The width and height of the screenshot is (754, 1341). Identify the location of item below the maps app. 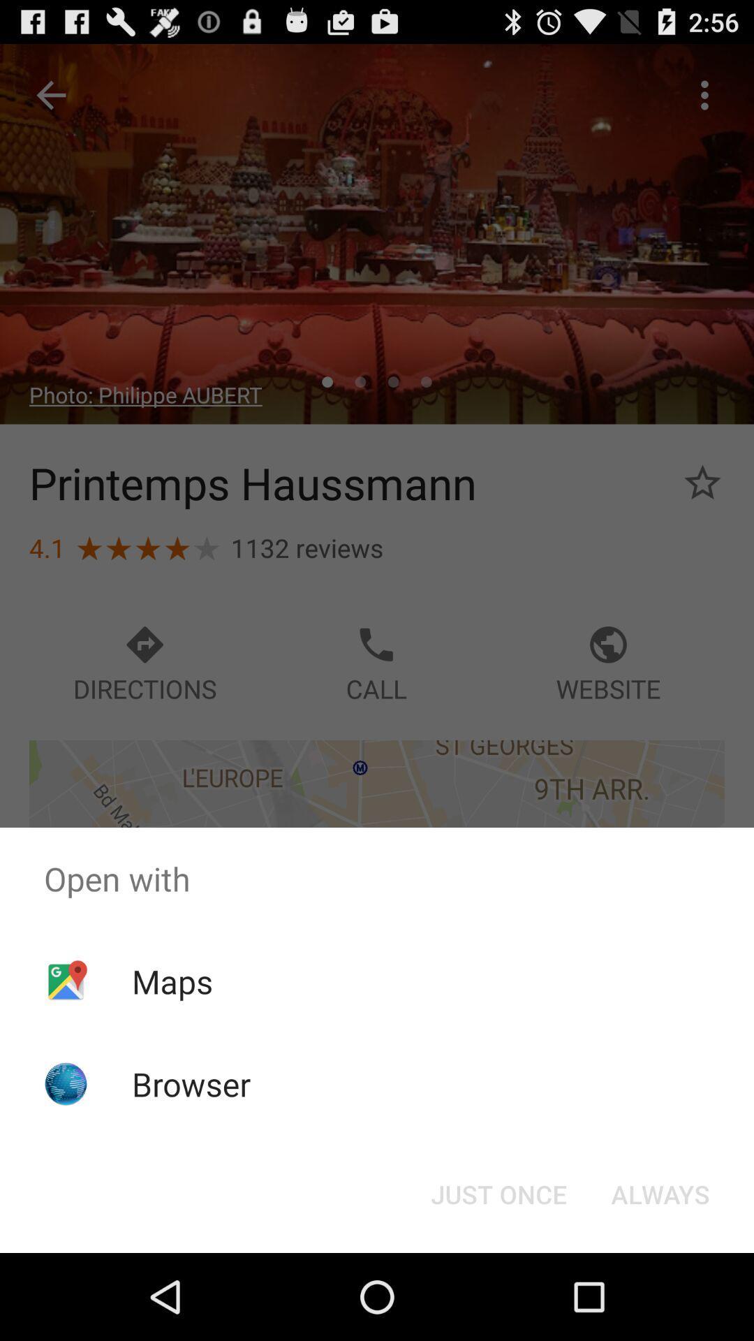
(191, 1083).